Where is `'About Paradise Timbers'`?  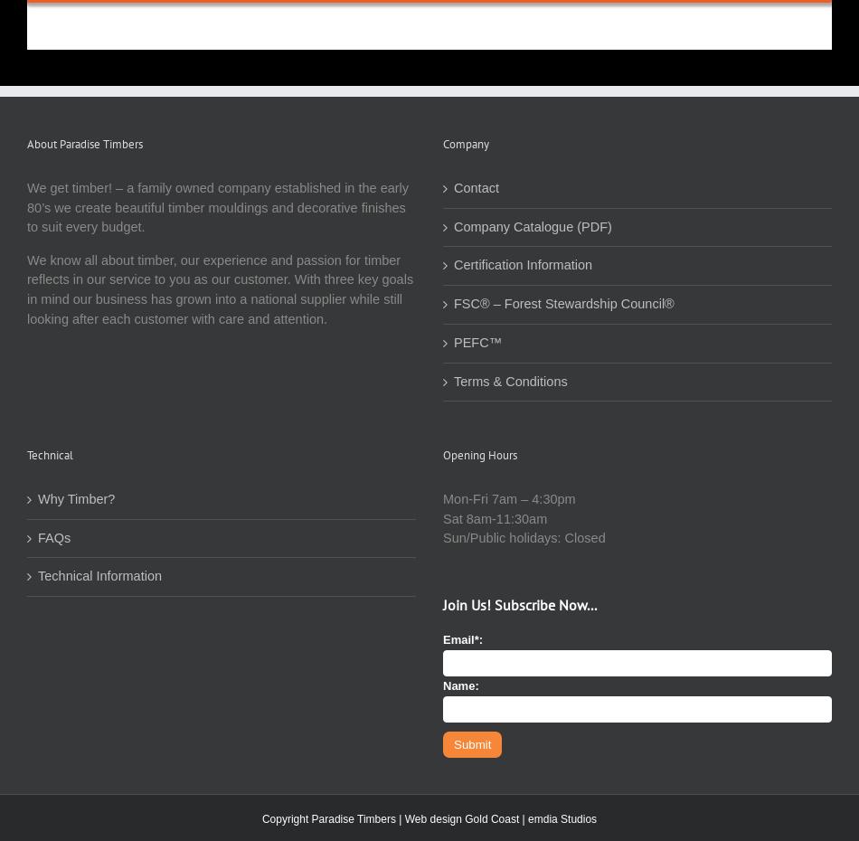
'About Paradise Timbers' is located at coordinates (84, 143).